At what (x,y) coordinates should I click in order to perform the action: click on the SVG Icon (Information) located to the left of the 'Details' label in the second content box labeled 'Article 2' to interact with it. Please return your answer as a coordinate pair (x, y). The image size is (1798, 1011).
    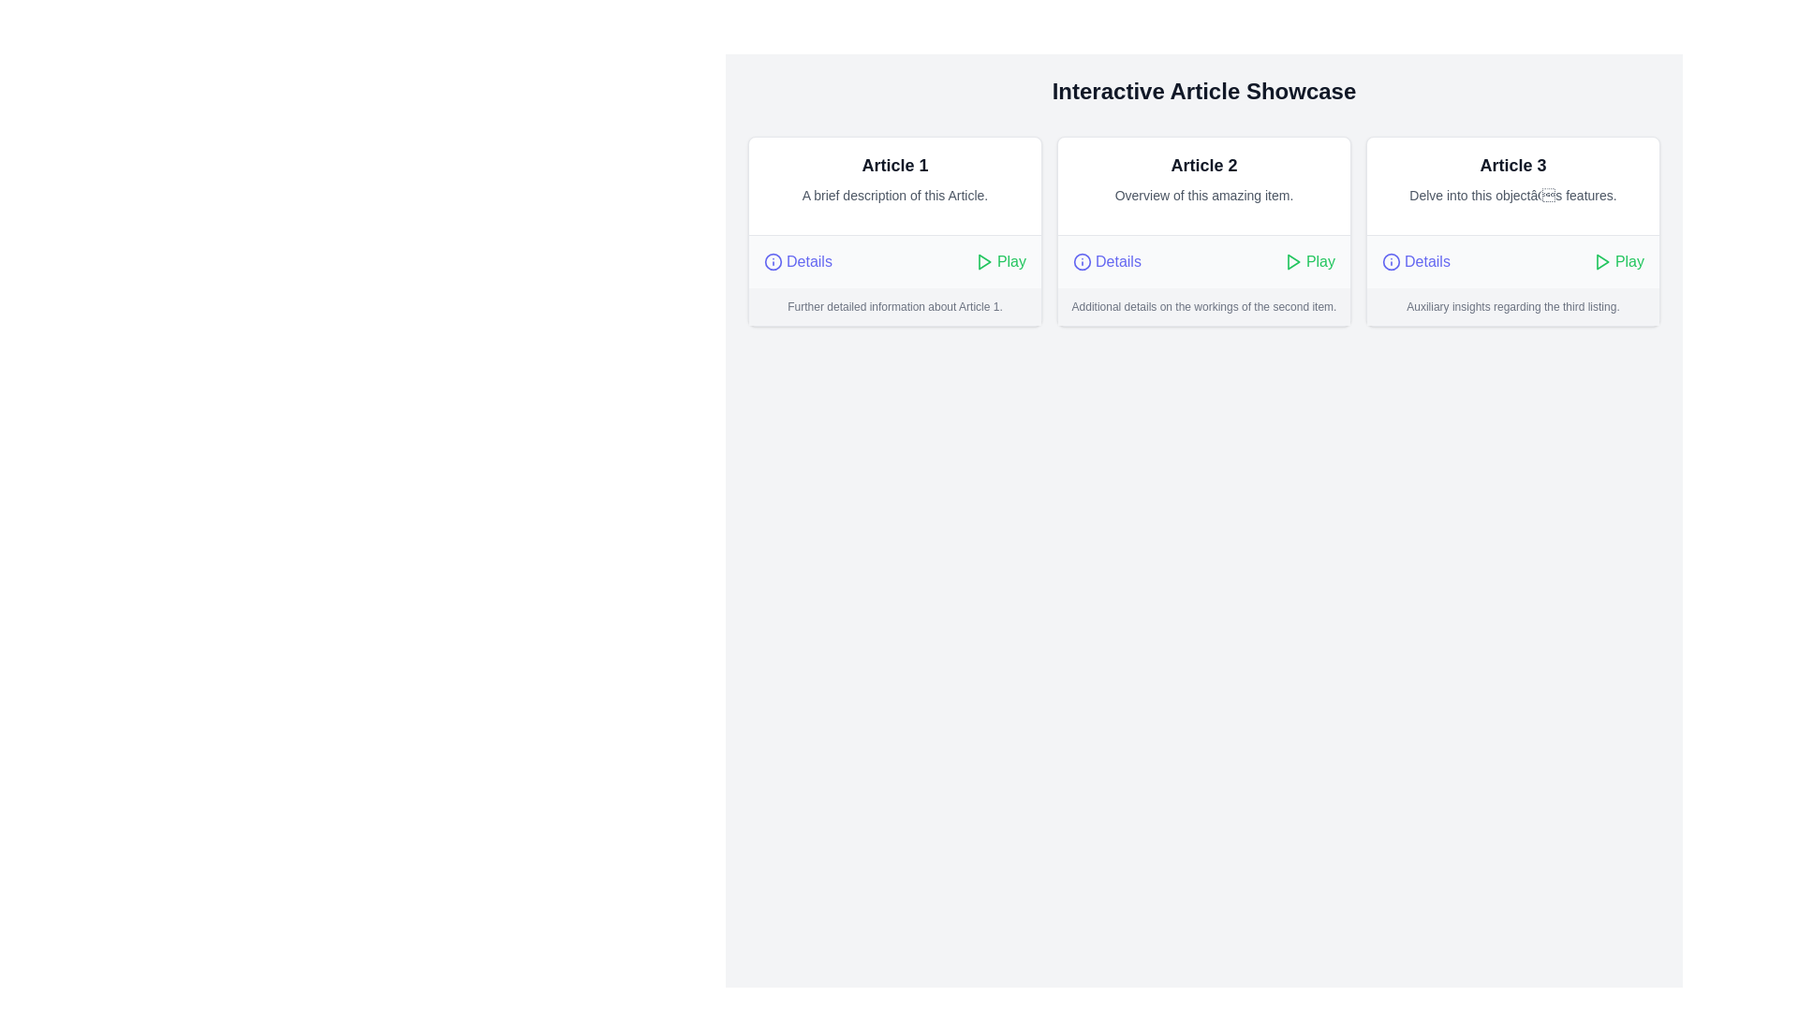
    Looking at the image, I should click on (1083, 262).